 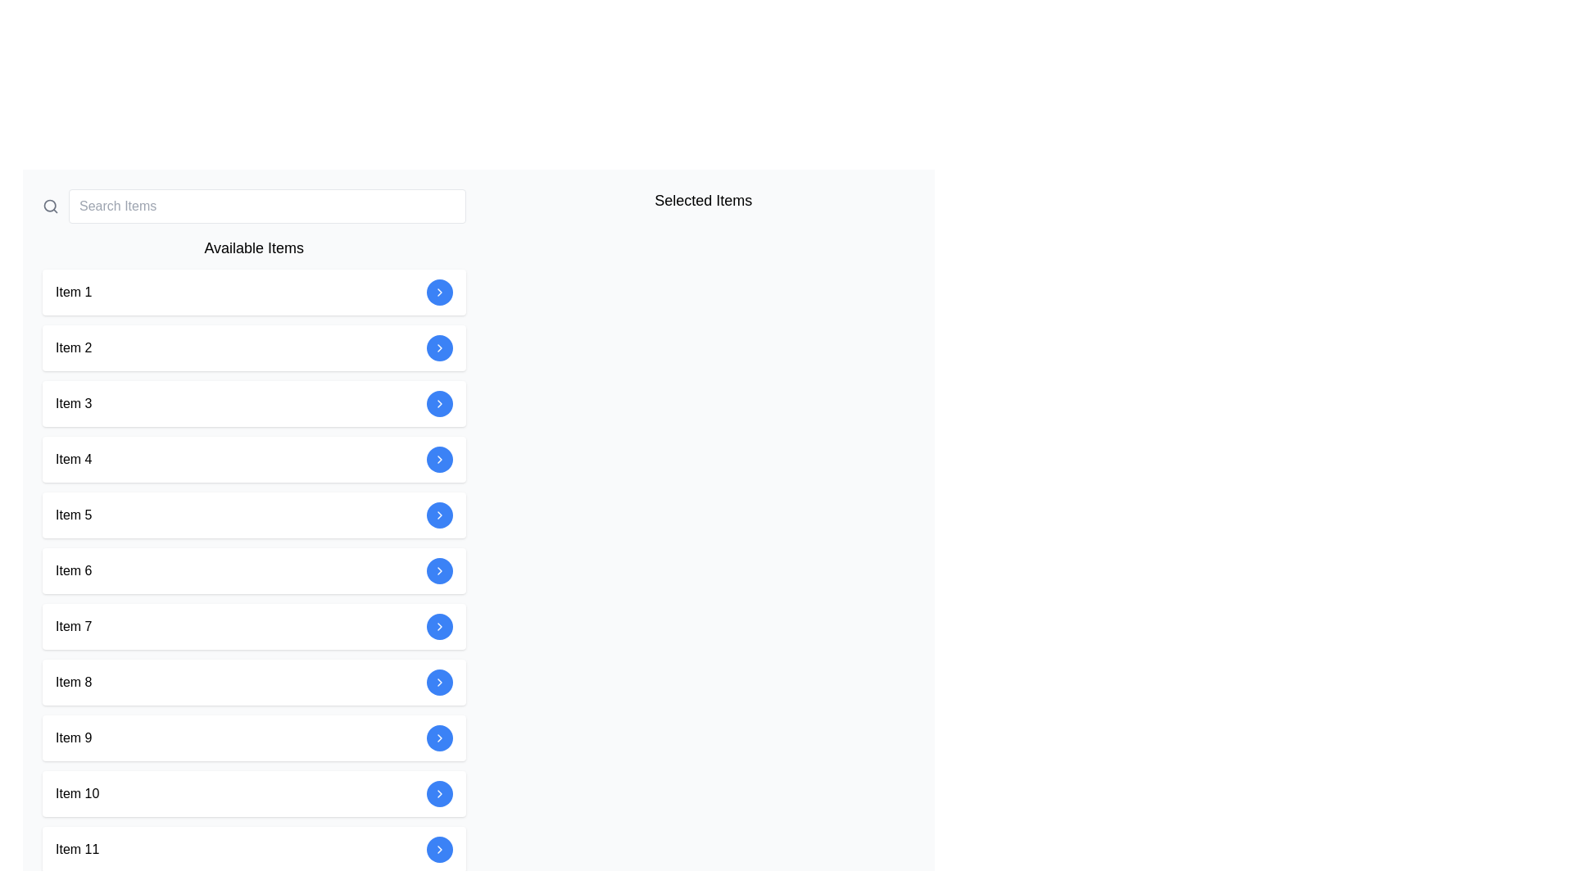 What do you see at coordinates (439, 626) in the screenshot?
I see `the circular blue button with a white right-facing arrow icon located in the 'Item 7' row of the 'Available Items' list` at bounding box center [439, 626].